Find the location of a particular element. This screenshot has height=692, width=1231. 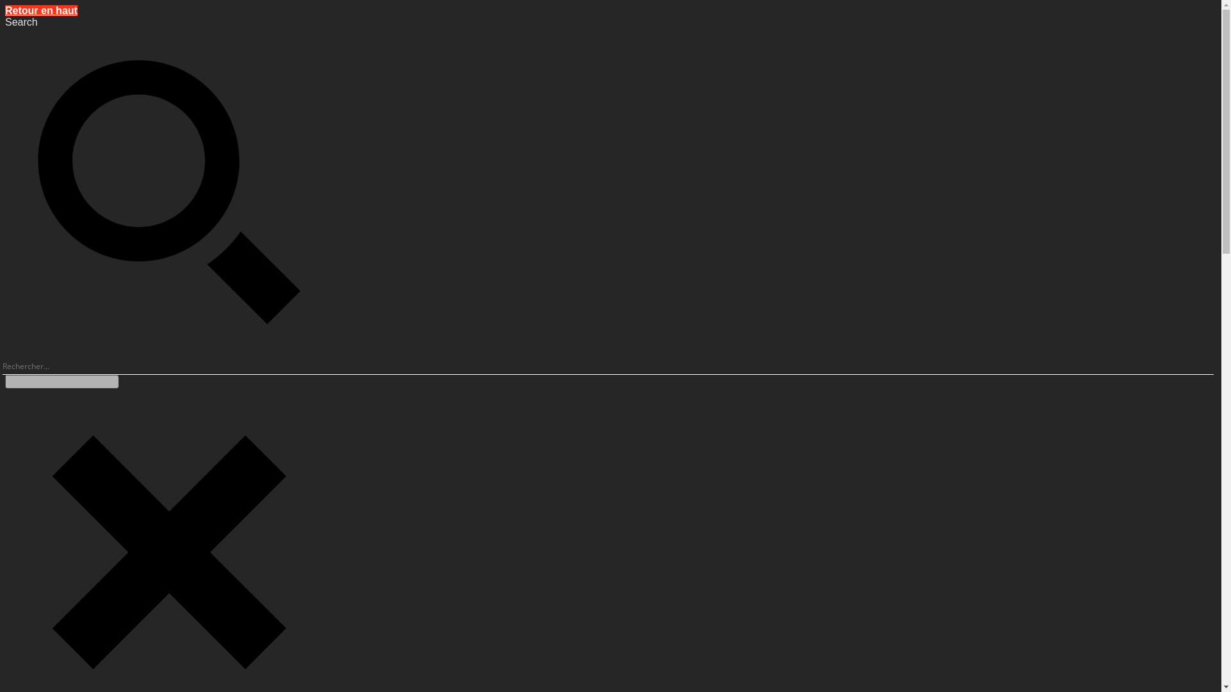

'Retour en haut' is located at coordinates (41, 10).